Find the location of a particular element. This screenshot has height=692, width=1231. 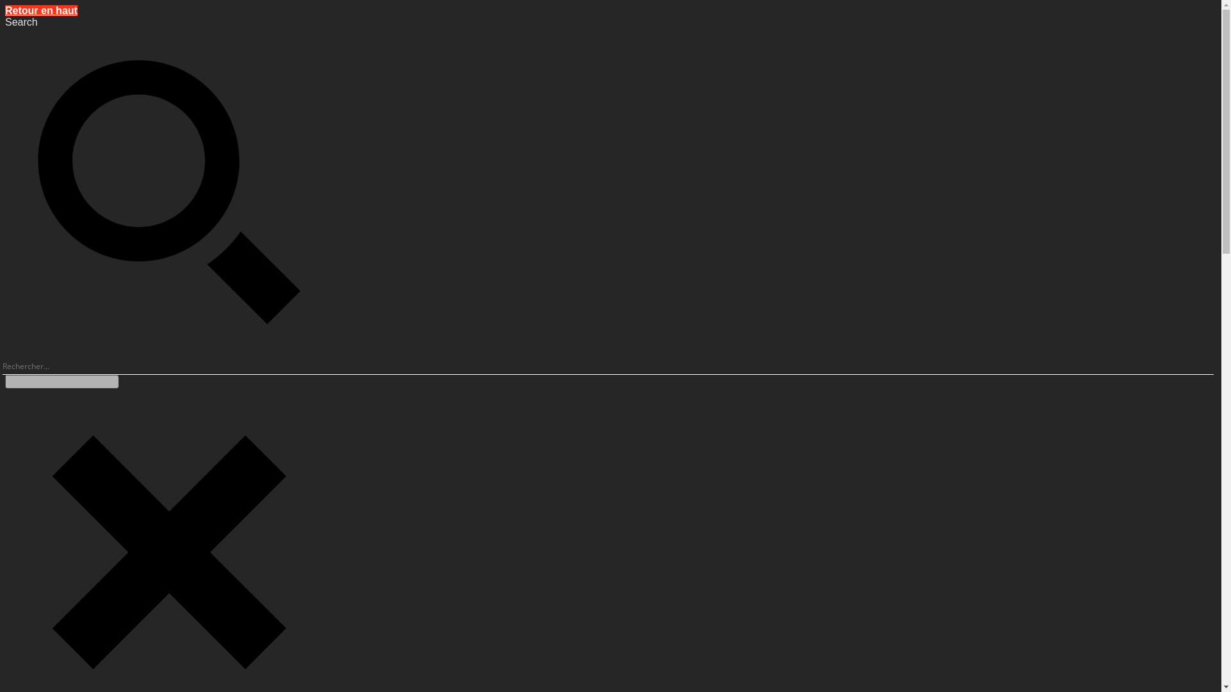

'Retour en haut' is located at coordinates (41, 10).